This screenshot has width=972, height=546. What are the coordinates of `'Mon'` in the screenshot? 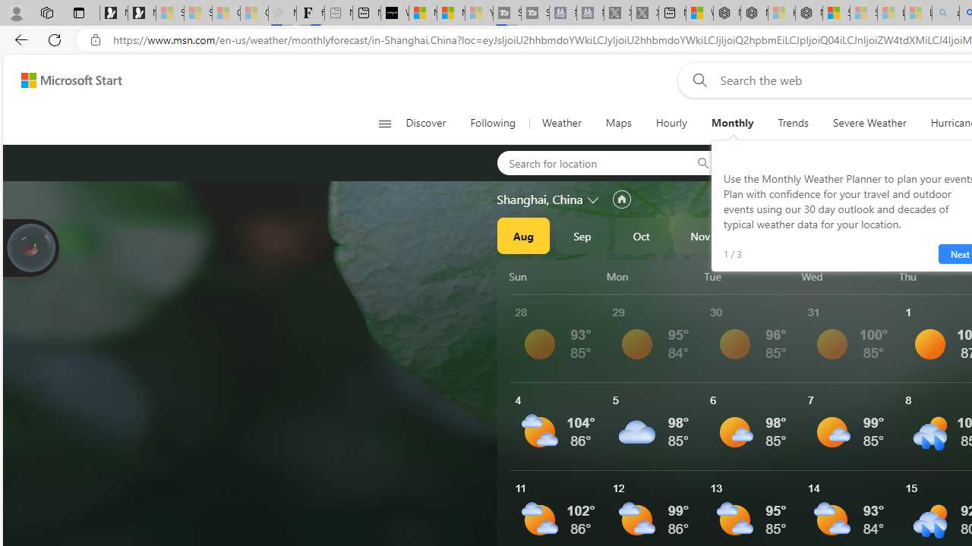 It's located at (652, 276).